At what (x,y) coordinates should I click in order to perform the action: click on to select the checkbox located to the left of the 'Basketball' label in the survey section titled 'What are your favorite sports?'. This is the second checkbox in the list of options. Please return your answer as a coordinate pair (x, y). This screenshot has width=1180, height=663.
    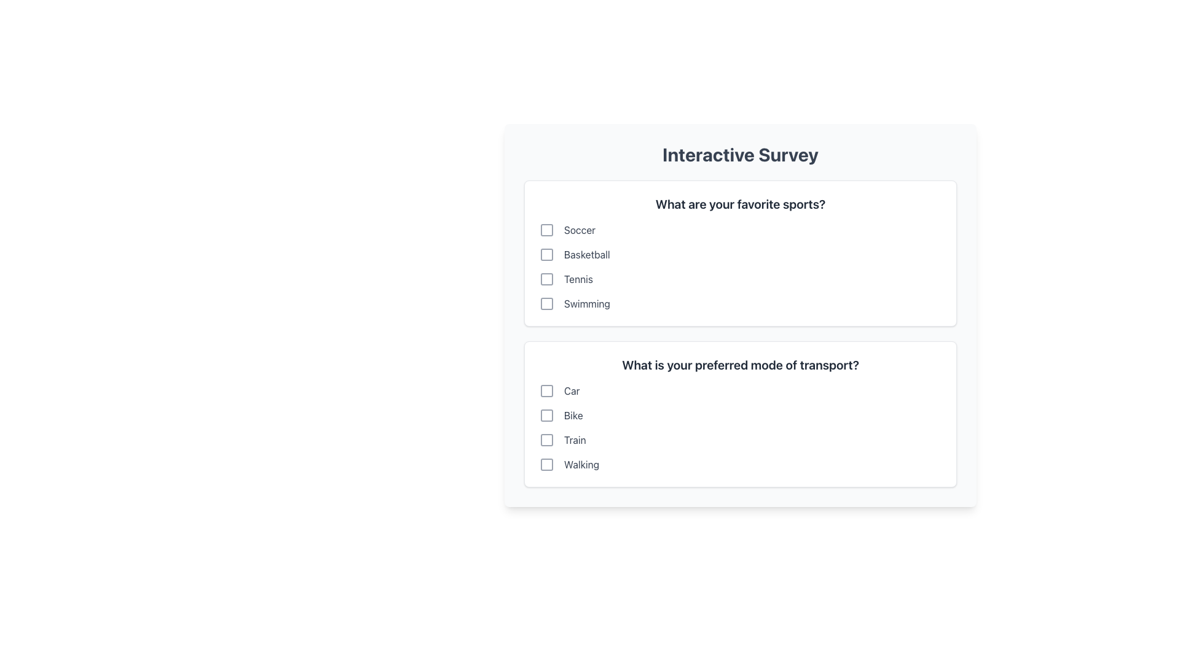
    Looking at the image, I should click on (546, 254).